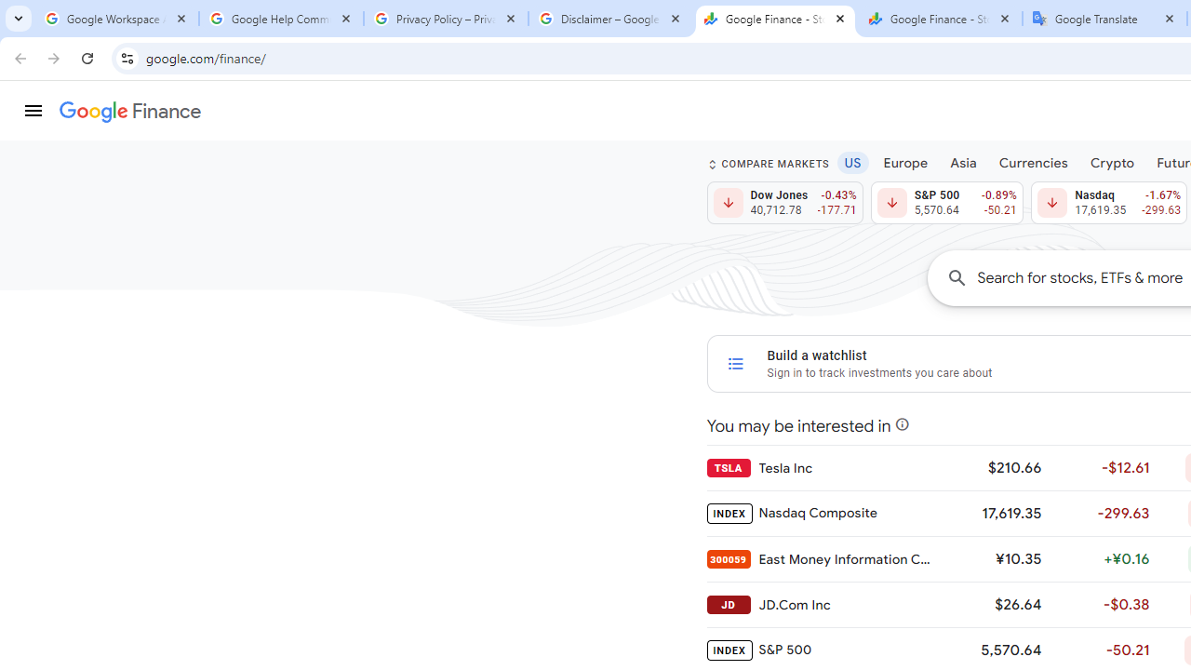 The height and width of the screenshot is (670, 1191). I want to click on 'US', so click(851, 161).